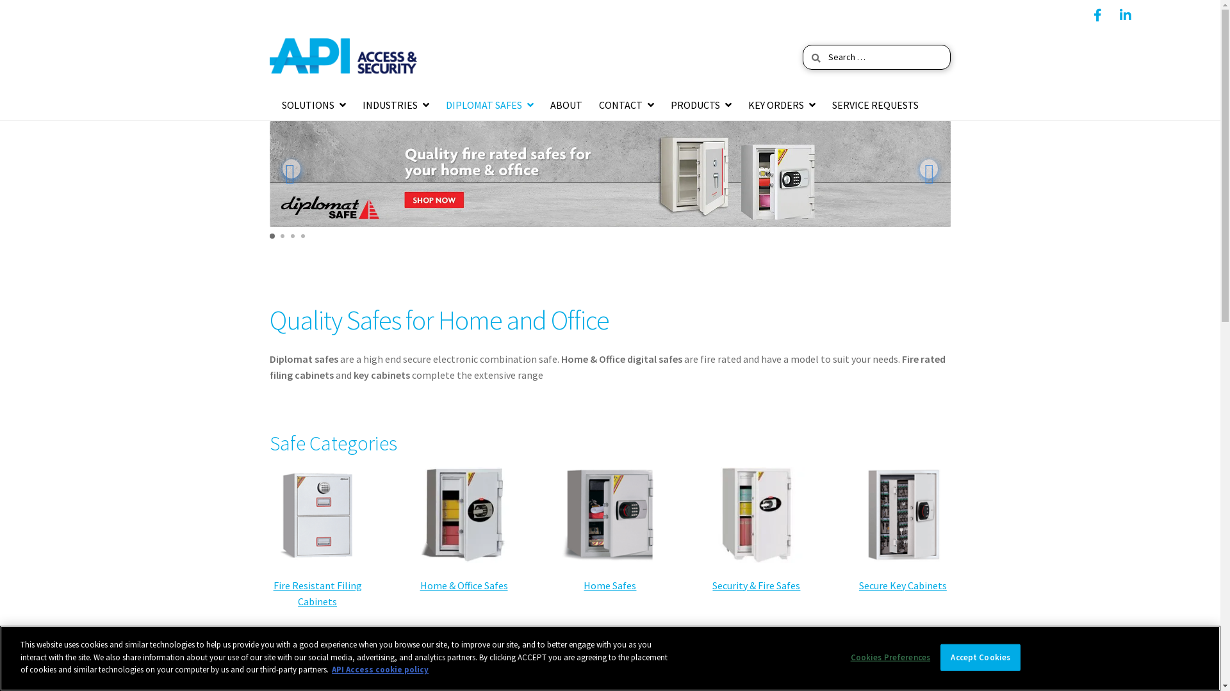  I want to click on 'ABOUT', so click(565, 105).